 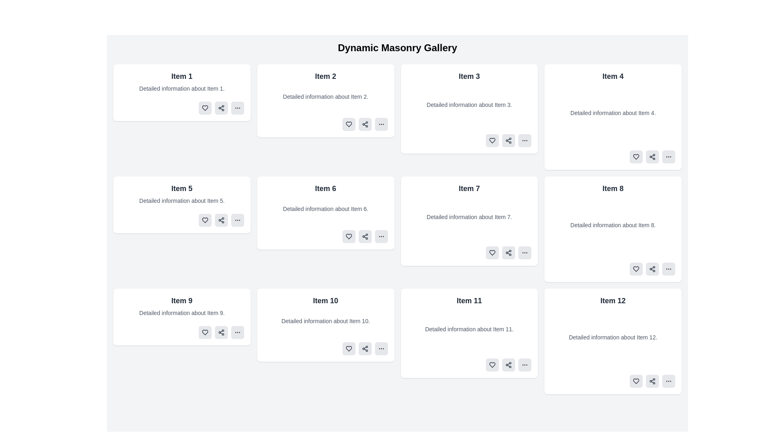 What do you see at coordinates (652, 156) in the screenshot?
I see `the share icon, which is an SVG graphic with three connected circles and lines, located in the actions bar of the fourth tile of the masonry grid layout, to initiate the sharing action` at bounding box center [652, 156].